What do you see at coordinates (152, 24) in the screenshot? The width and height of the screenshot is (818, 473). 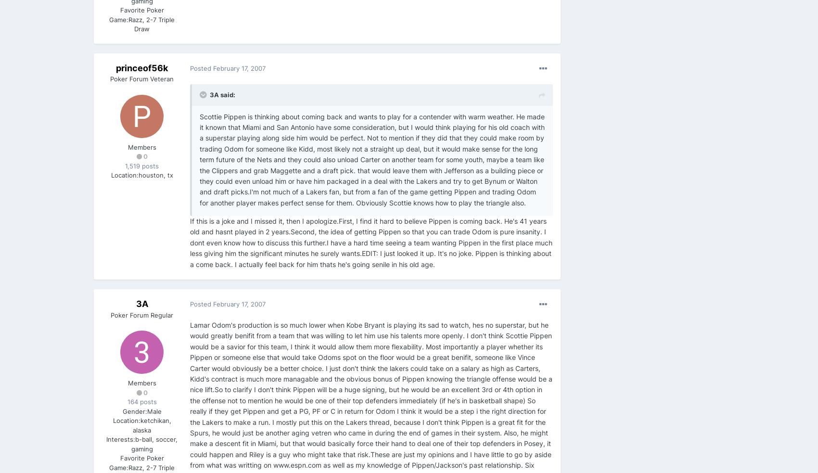 I see `'Razz, 2-7 Triple Draw'` at bounding box center [152, 24].